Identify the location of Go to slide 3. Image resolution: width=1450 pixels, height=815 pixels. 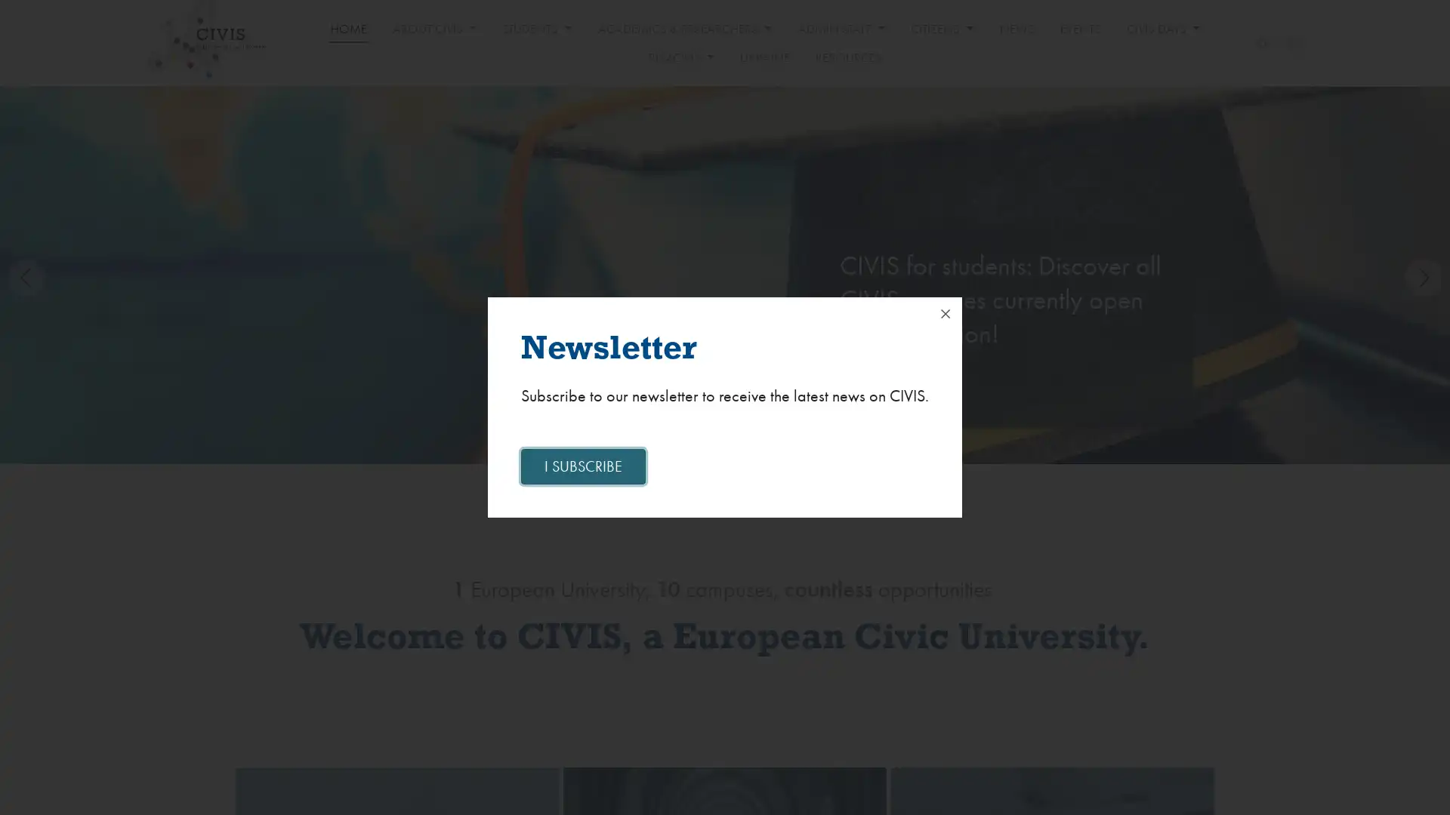
(761, 479).